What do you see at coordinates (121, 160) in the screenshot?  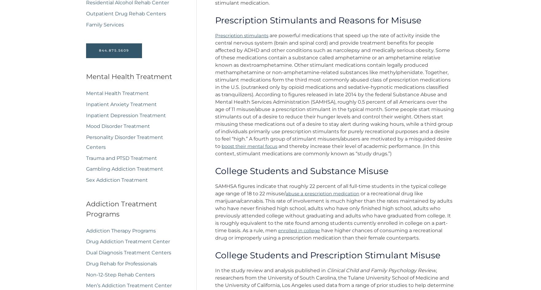 I see `'Trauma and PTSD Treatment'` at bounding box center [121, 160].